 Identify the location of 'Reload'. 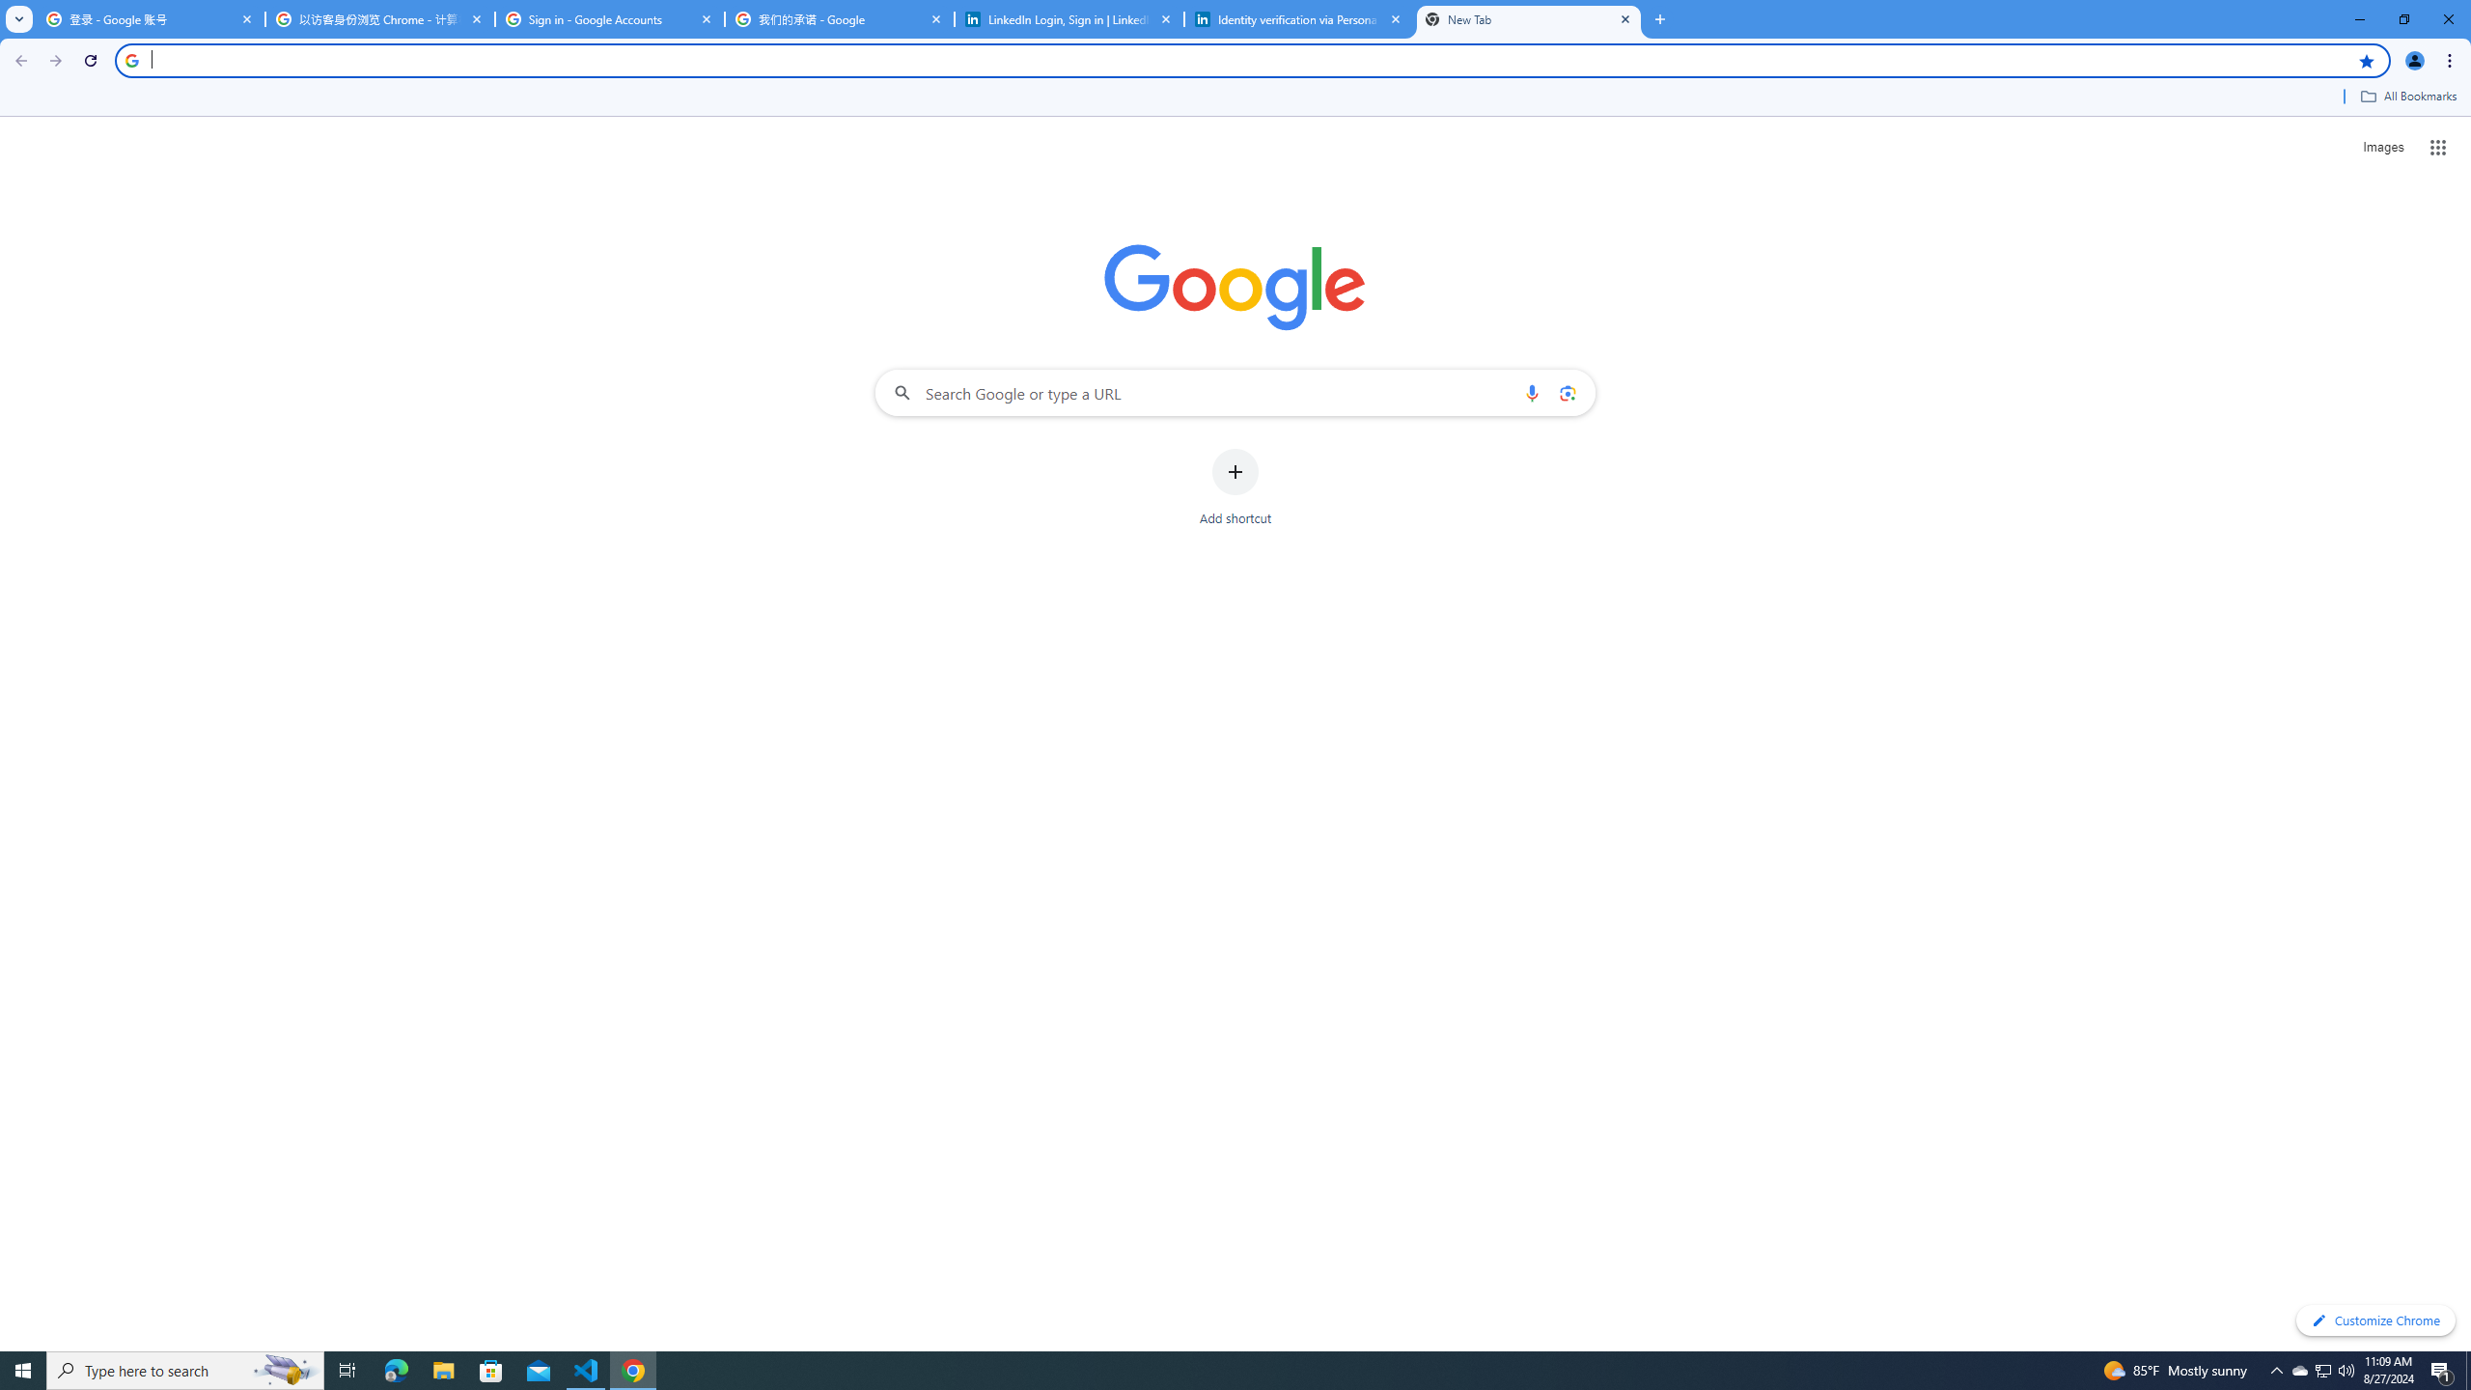
(90, 60).